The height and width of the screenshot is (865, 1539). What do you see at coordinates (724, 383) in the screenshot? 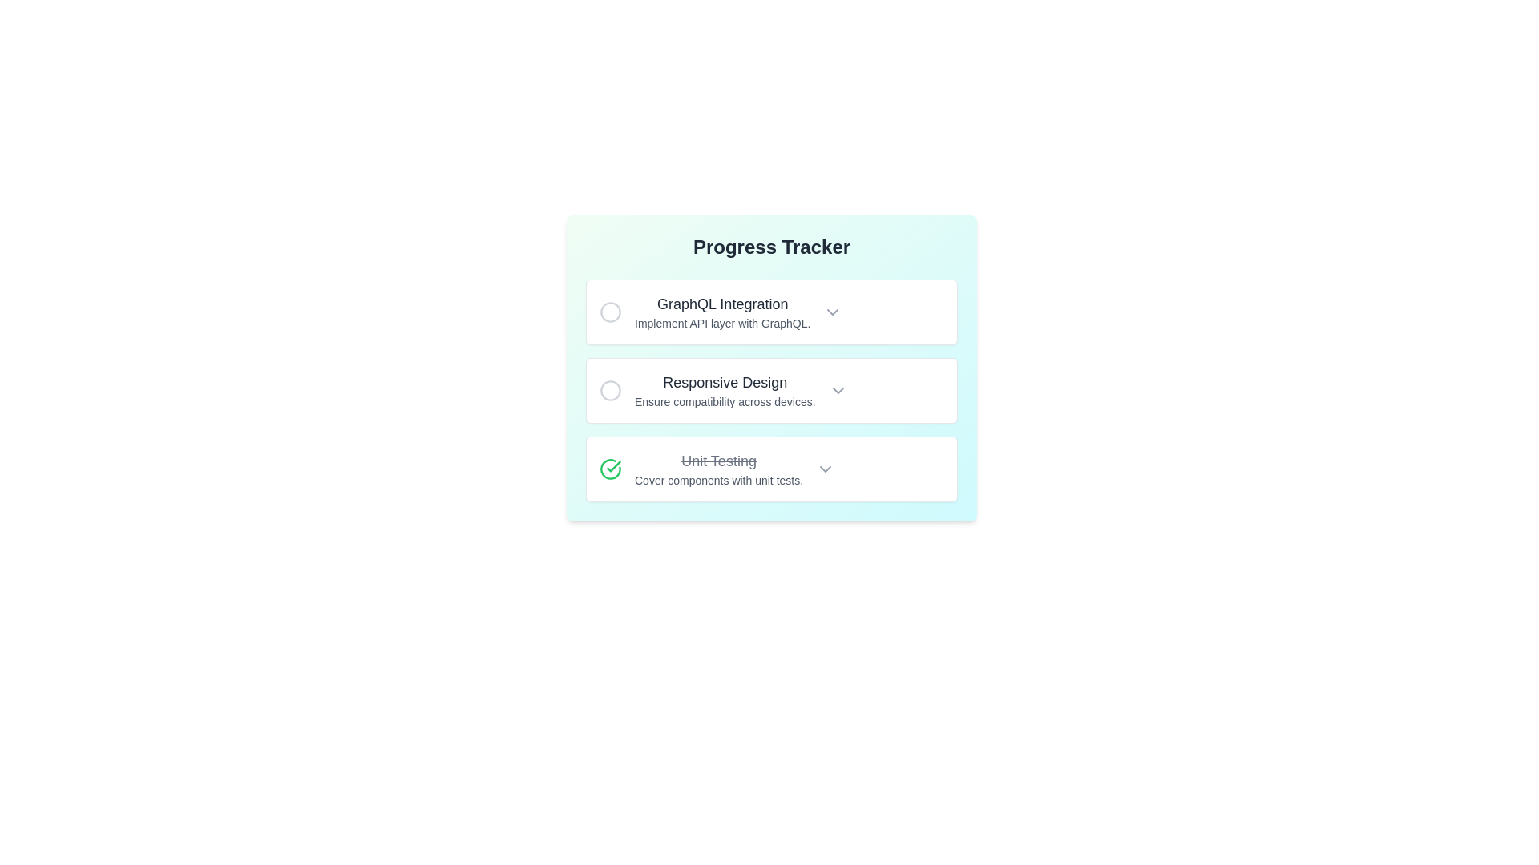
I see `the text label displaying 'Responsive Design', which is centrally positioned above the line stating 'Ensure compatibility across devices' in the 'Progress Tracker' list` at bounding box center [724, 383].